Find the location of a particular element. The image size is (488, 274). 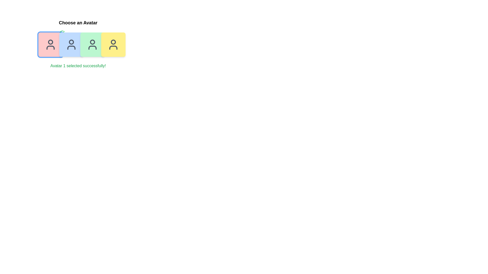

the decorative circular shape representing the head of the third avatar in the list of four avatar options is located at coordinates (92, 42).